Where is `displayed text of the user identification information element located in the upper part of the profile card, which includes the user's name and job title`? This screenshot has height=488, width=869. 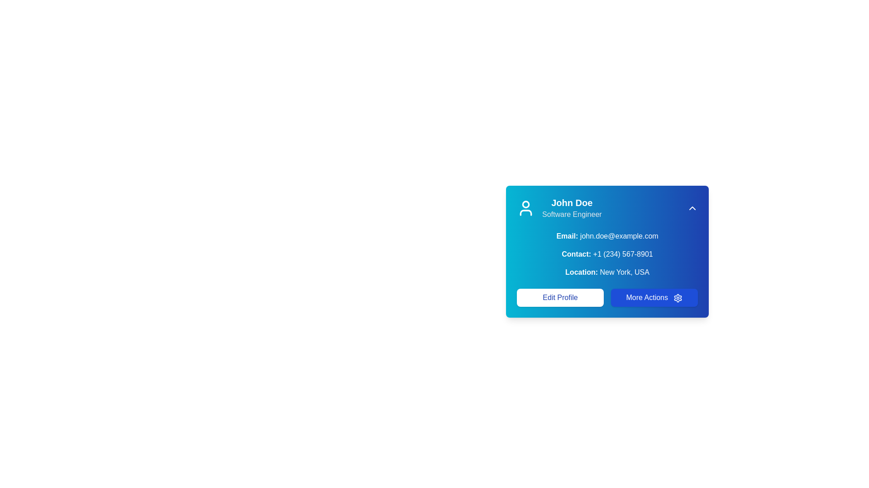
displayed text of the user identification information element located in the upper part of the profile card, which includes the user's name and job title is located at coordinates (559, 208).